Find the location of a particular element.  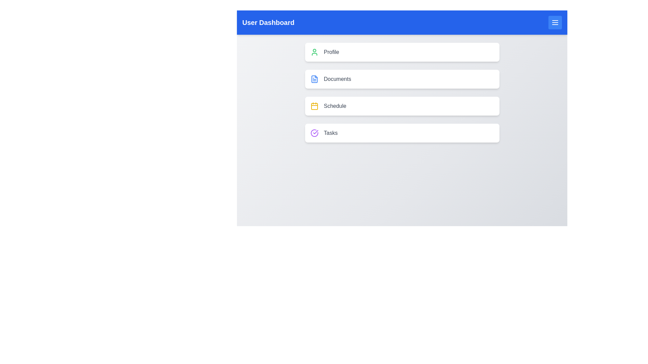

the menu item Schedule is located at coordinates (402, 106).